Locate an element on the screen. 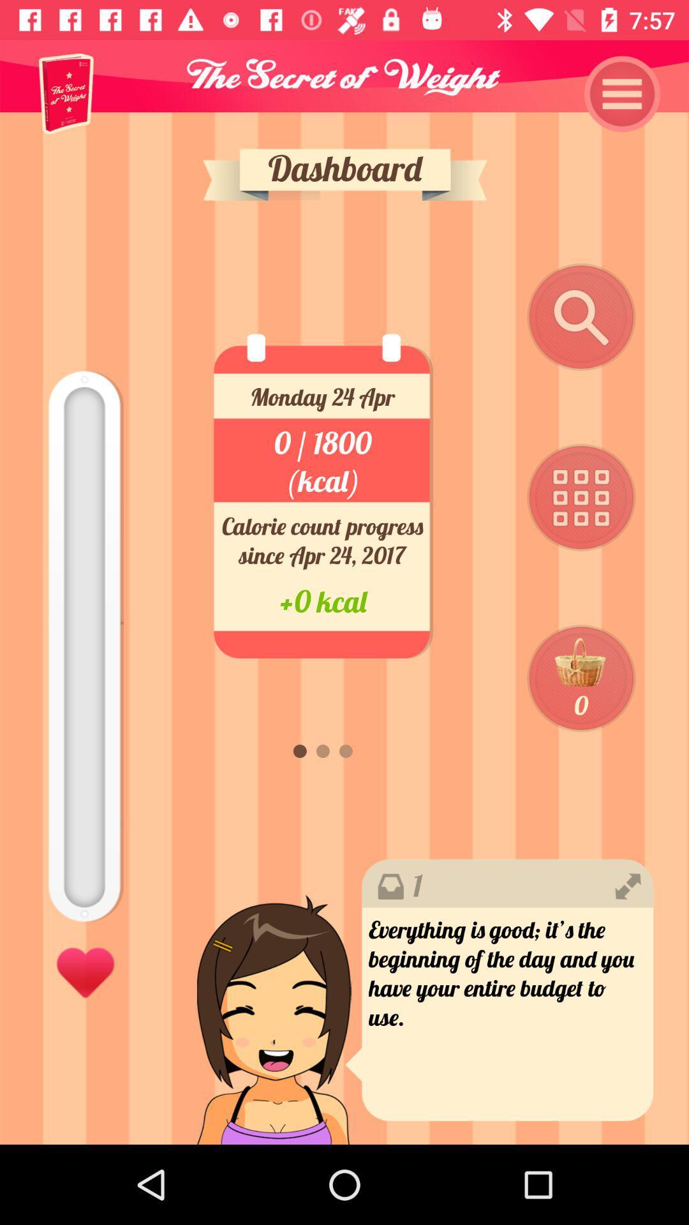 Image resolution: width=689 pixels, height=1225 pixels. the option which is below the search button is located at coordinates (581, 498).